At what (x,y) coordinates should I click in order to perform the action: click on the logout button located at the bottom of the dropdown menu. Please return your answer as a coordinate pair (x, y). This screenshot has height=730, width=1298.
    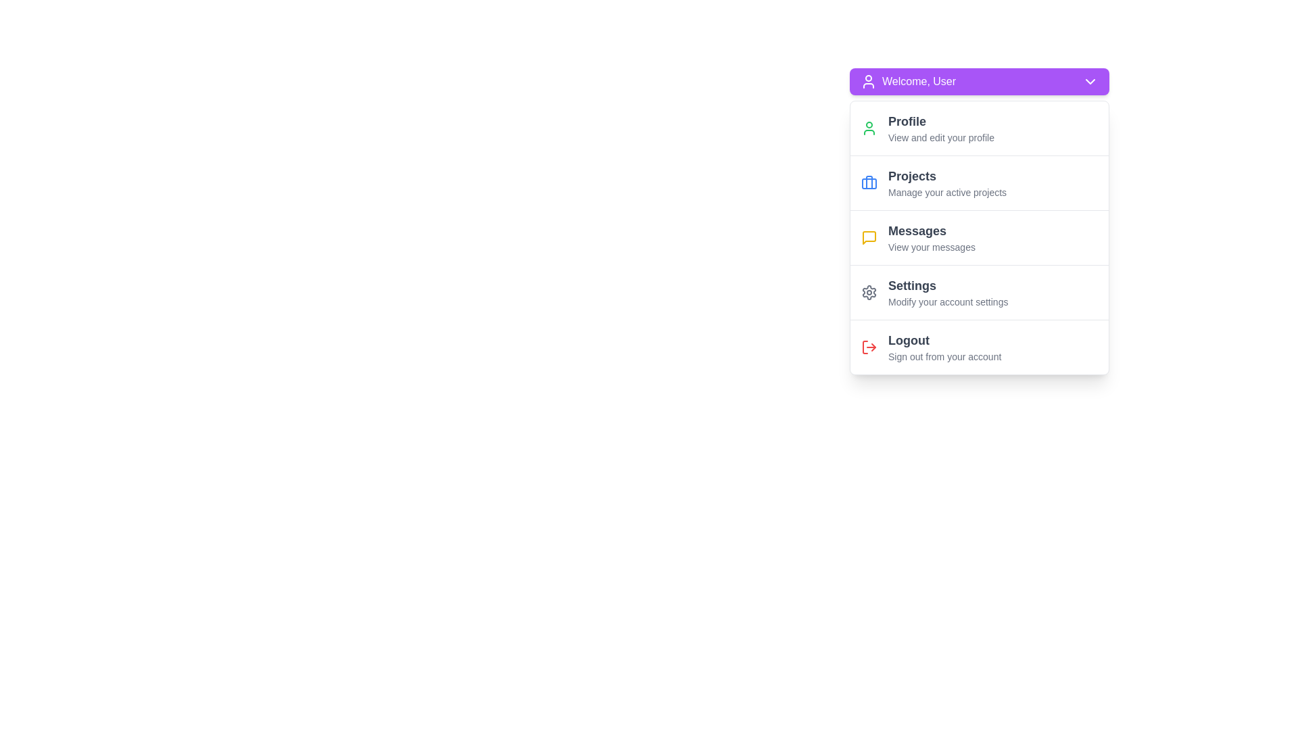
    Looking at the image, I should click on (980, 346).